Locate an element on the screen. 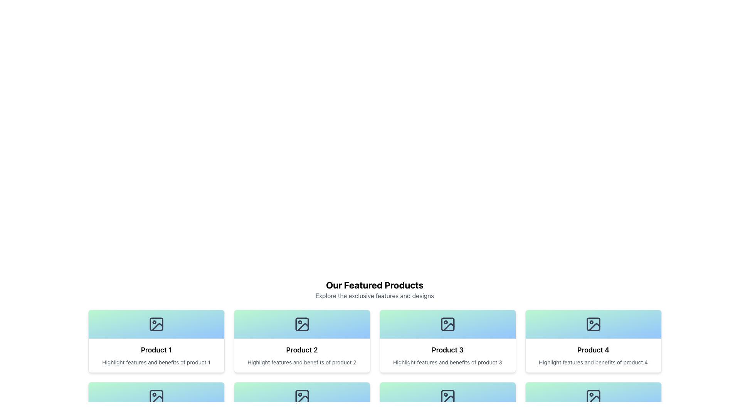 The height and width of the screenshot is (416, 740). the text label that reads 'Highlight features and benefits of product 3', which is styled in a smaller font size and light gray color, positioned under the bold heading 'Product 3' within the card component is located at coordinates (447, 362).